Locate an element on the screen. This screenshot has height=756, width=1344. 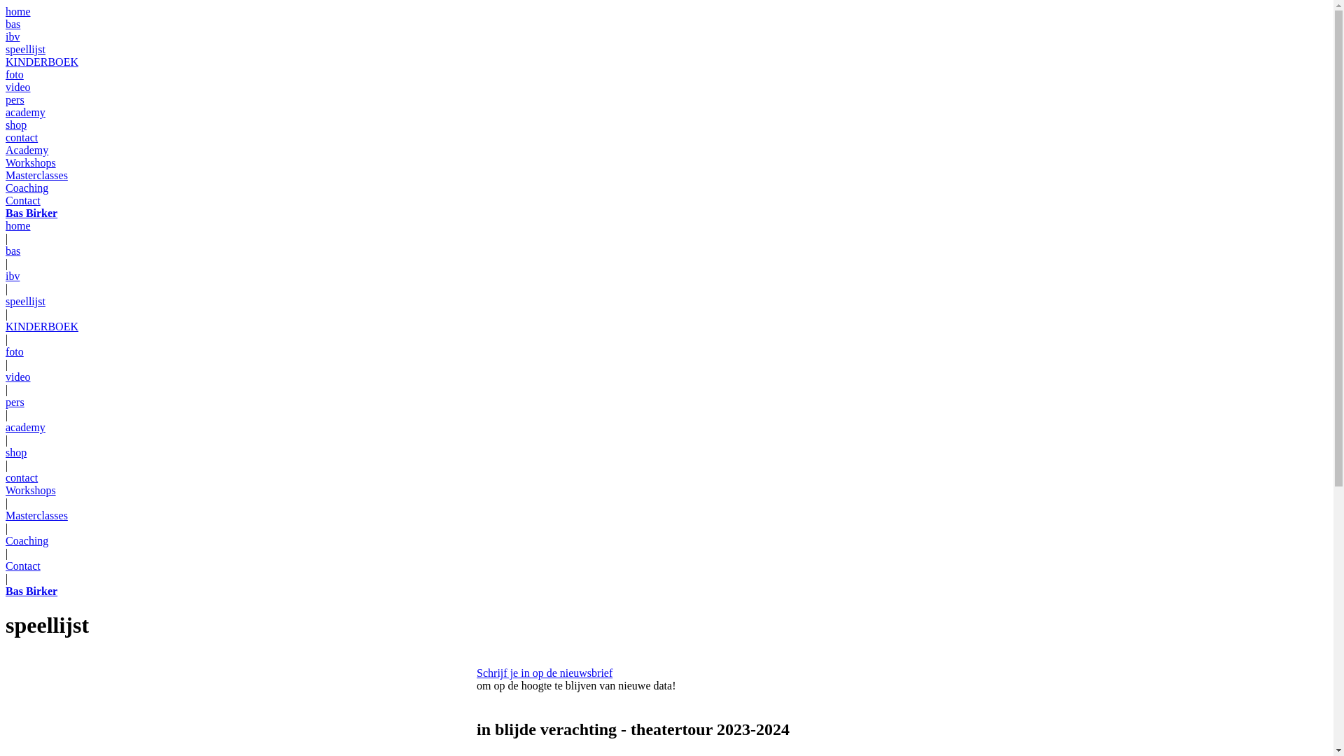
'shop' is located at coordinates (16, 124).